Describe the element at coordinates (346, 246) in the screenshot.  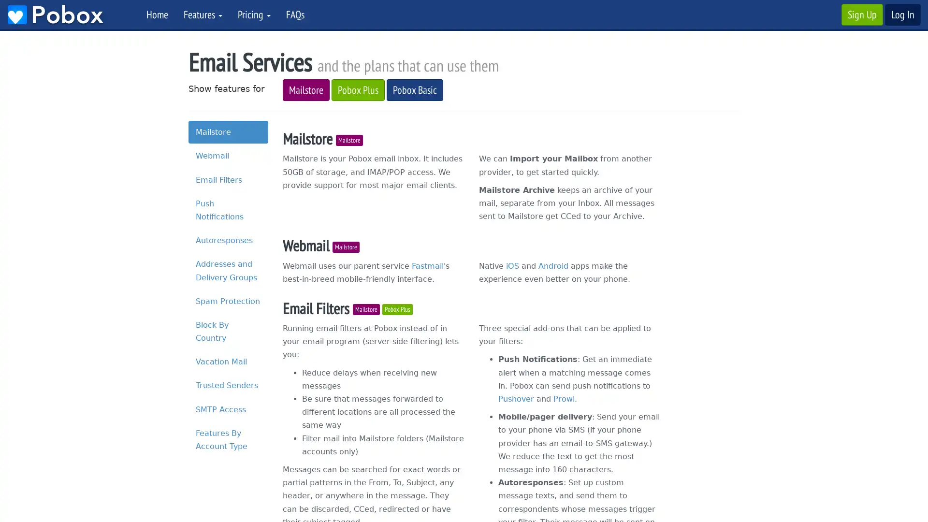
I see `Mailstore` at that location.